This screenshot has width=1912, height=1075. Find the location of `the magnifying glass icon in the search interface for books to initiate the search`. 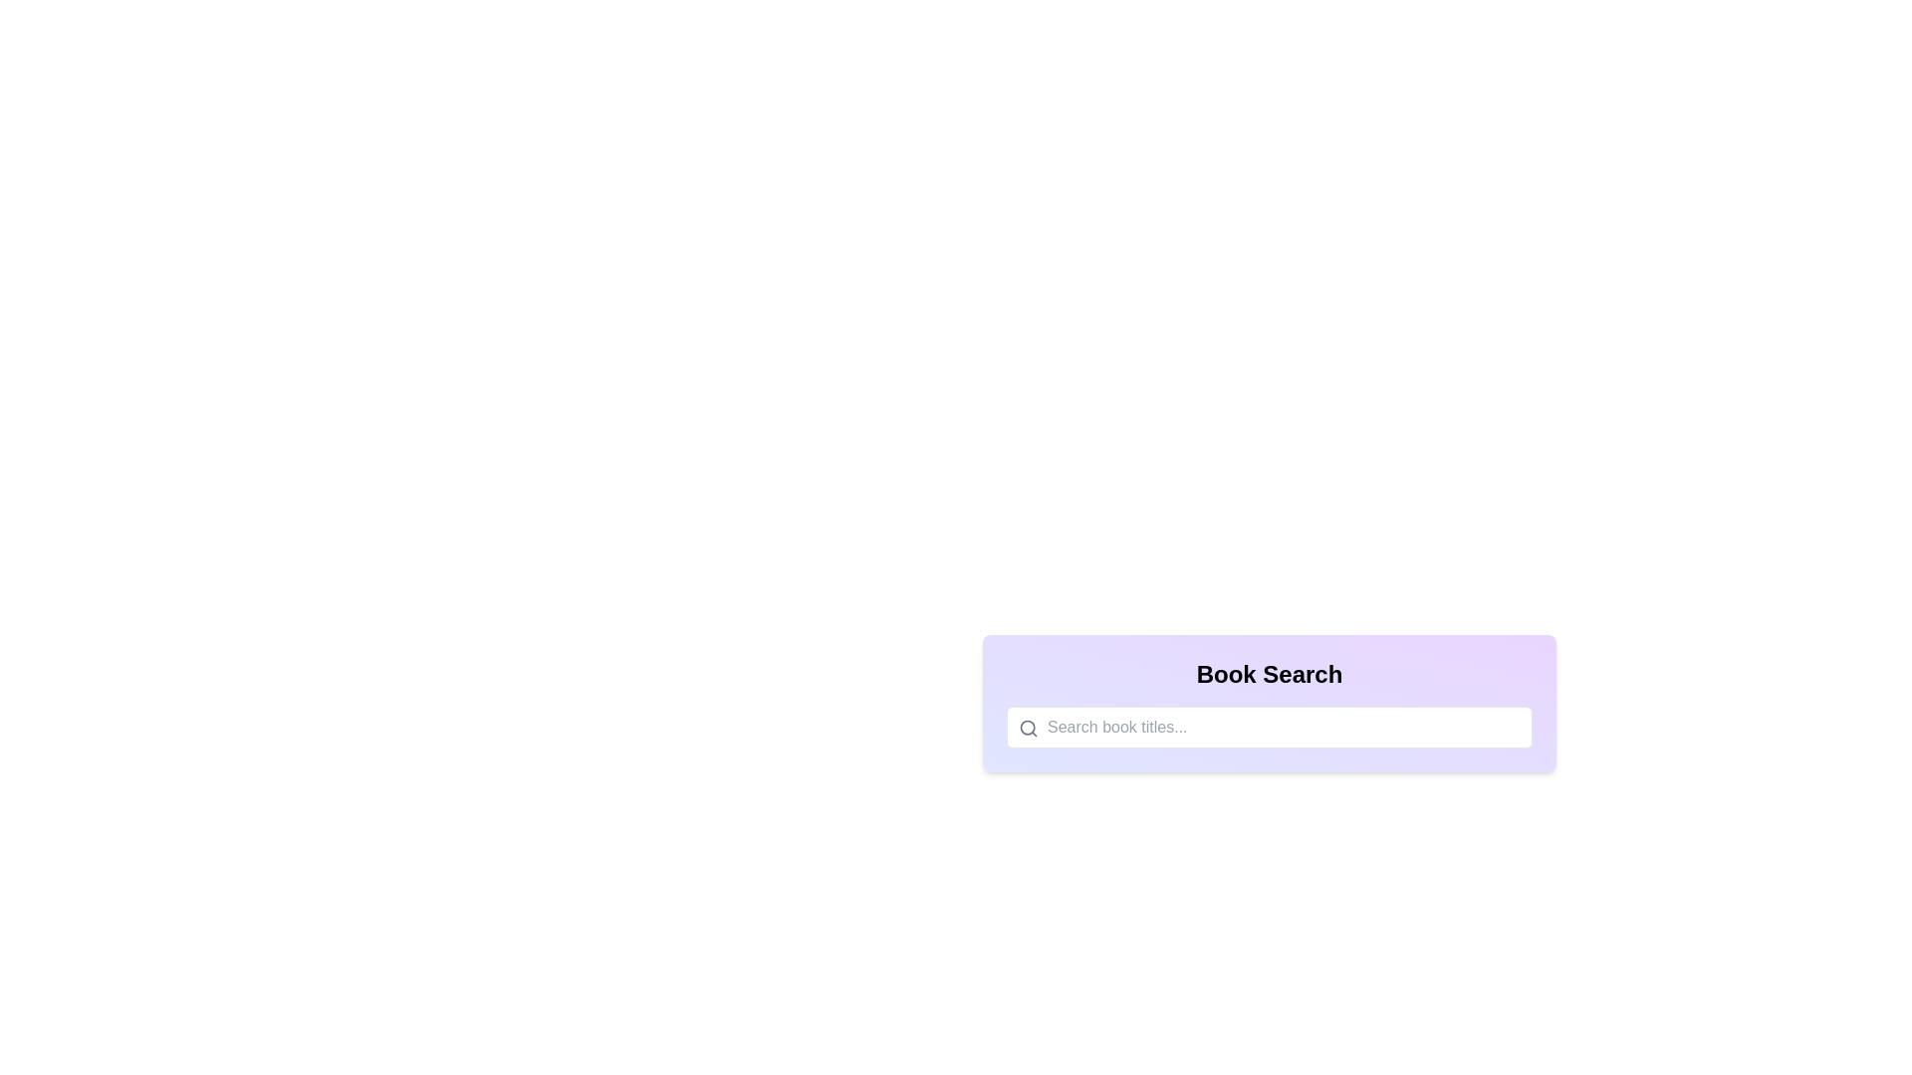

the magnifying glass icon in the search interface for books to initiate the search is located at coordinates (1269, 702).